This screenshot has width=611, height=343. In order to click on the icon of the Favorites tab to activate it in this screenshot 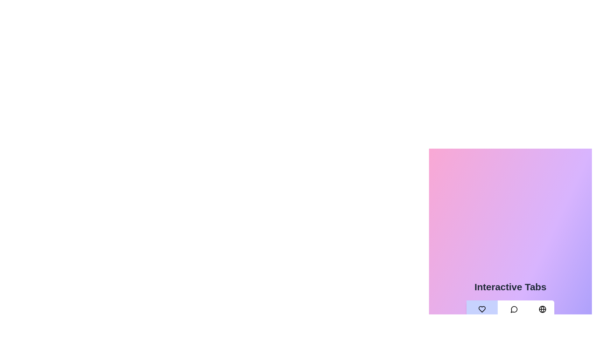, I will do `click(482, 309)`.